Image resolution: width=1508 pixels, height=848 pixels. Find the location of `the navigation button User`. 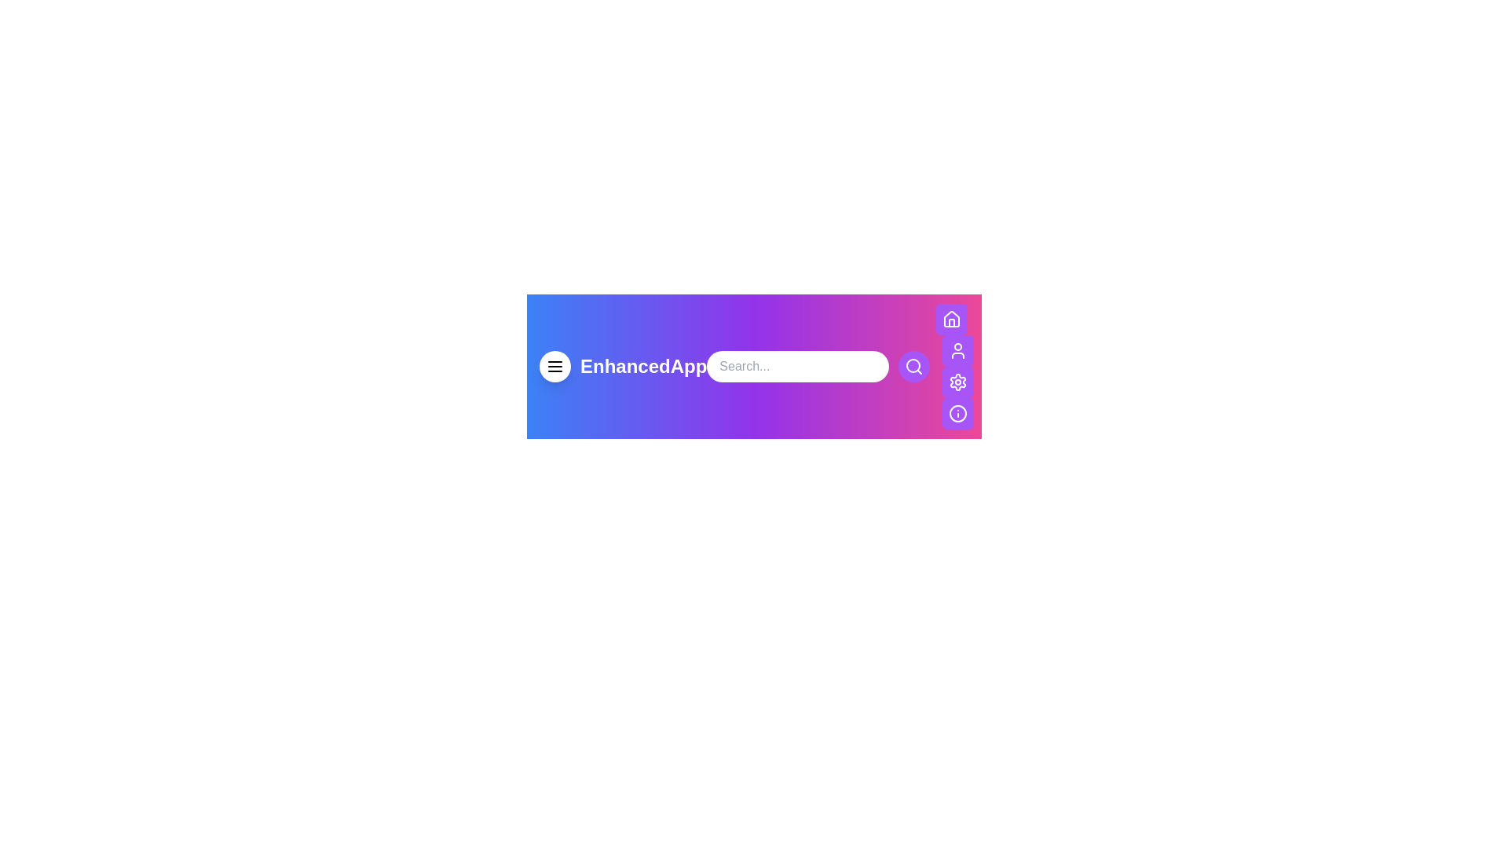

the navigation button User is located at coordinates (957, 350).